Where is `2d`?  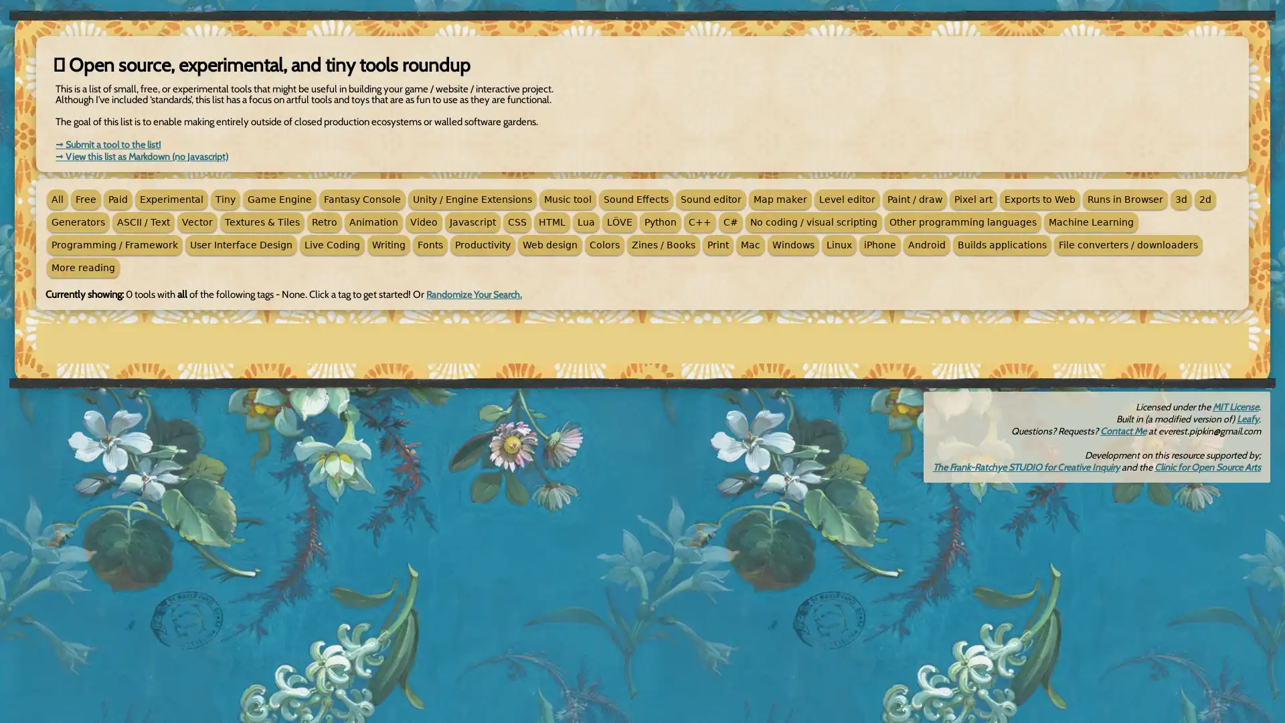 2d is located at coordinates (1205, 199).